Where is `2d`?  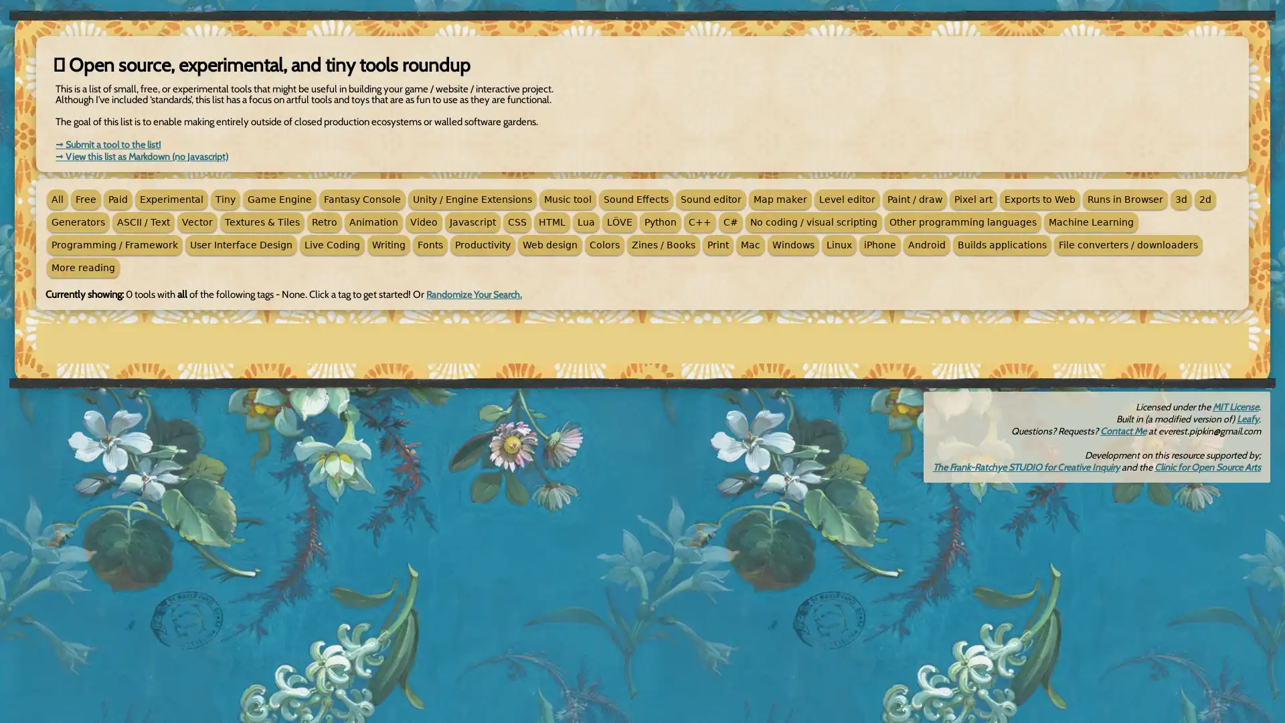 2d is located at coordinates (1205, 199).